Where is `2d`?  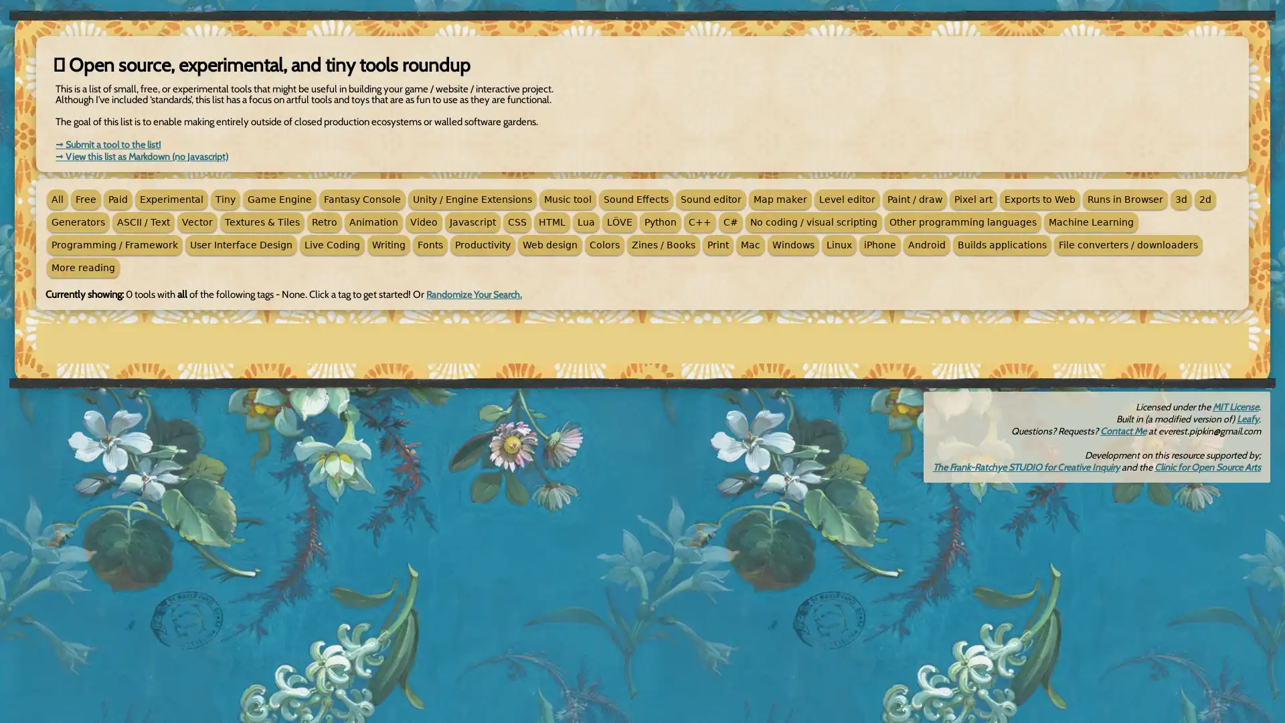 2d is located at coordinates (1205, 199).